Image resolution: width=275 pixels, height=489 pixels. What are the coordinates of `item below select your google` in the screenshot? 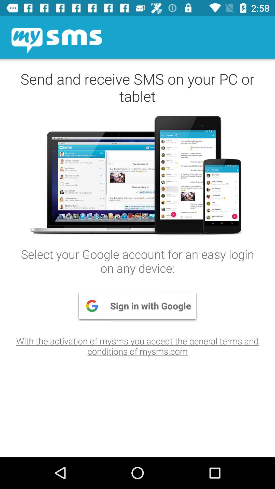 It's located at (137, 306).